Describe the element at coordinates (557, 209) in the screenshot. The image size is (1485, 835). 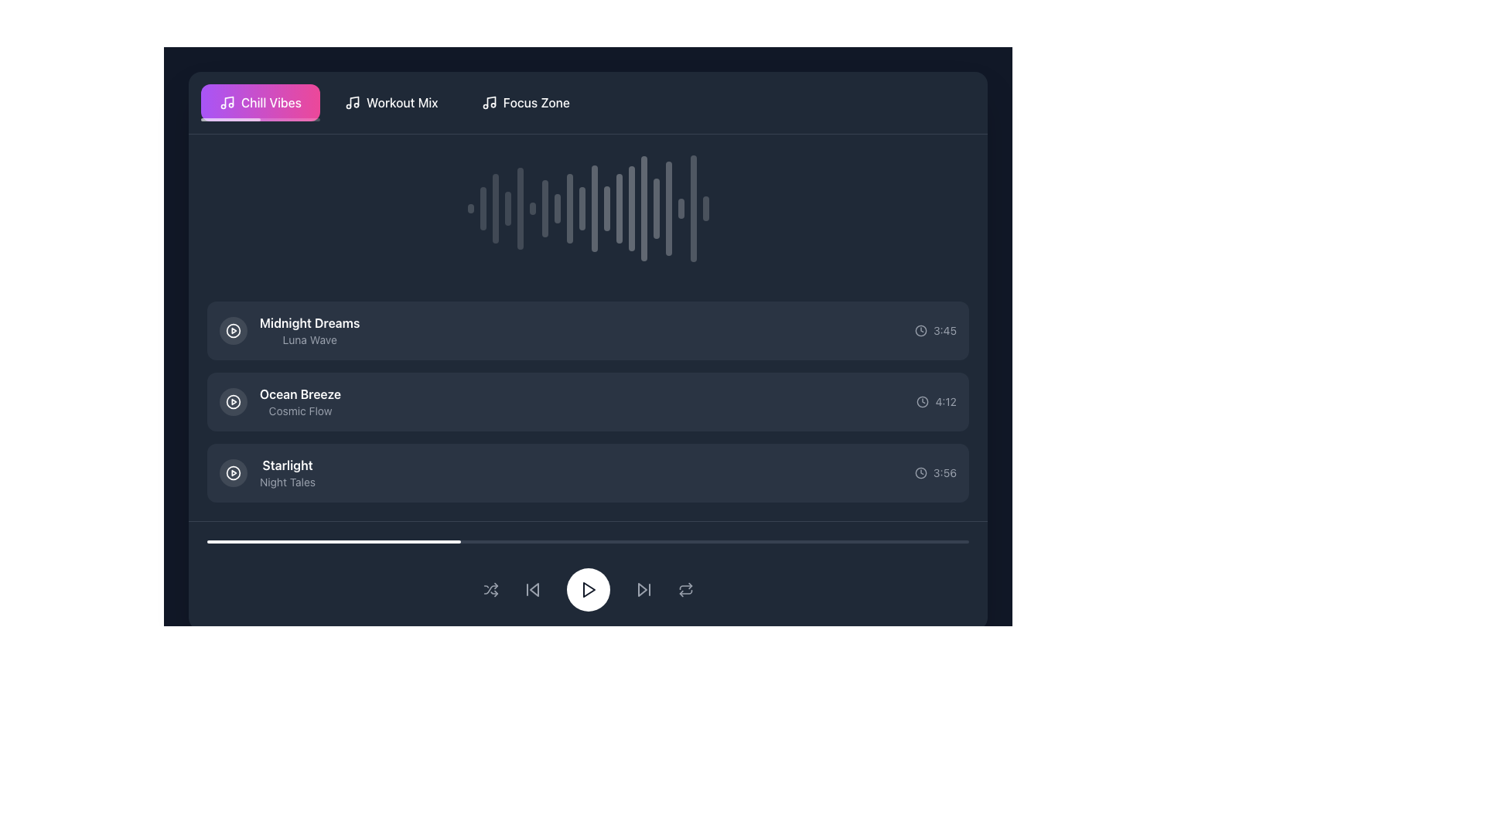
I see `the eighth waveform bar representing audio playback in the upper section of the interface` at that location.